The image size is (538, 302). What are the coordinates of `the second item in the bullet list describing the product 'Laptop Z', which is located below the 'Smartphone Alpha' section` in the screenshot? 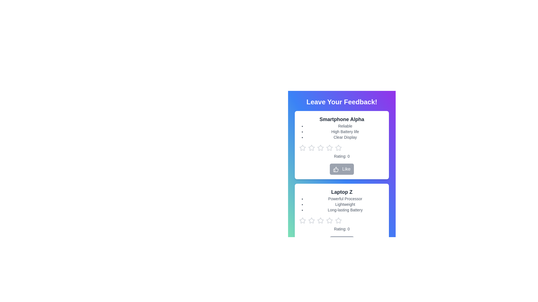 It's located at (345, 204).